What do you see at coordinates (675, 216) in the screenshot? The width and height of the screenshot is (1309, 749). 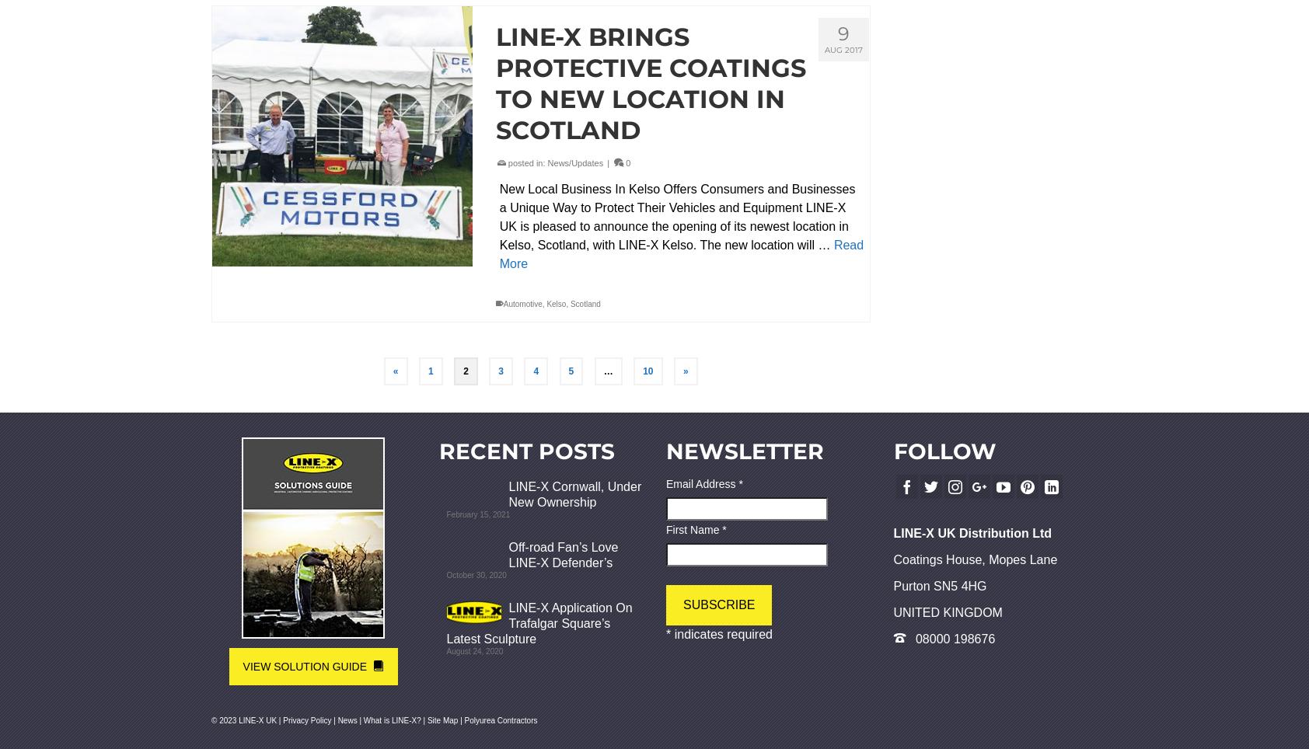 I see `'New Local Business In Kelso Offers Consumers and Businesses a Unique Way to Protect Their Vehicles and Equipment LINE-X UK is pleased to announce the opening of its newest location in Kelso, Scotland, with LINE-X Kelso. The new location will …'` at bounding box center [675, 216].